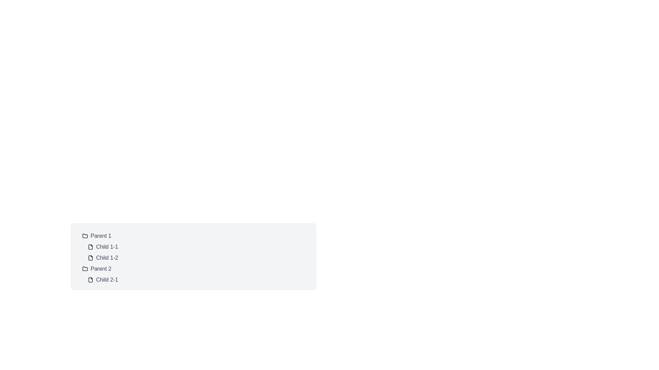  I want to click on the Text Label indicating the title of the first collapsible section of the list, which is aligned horizontally with a folder icon to its left, so click(101, 236).